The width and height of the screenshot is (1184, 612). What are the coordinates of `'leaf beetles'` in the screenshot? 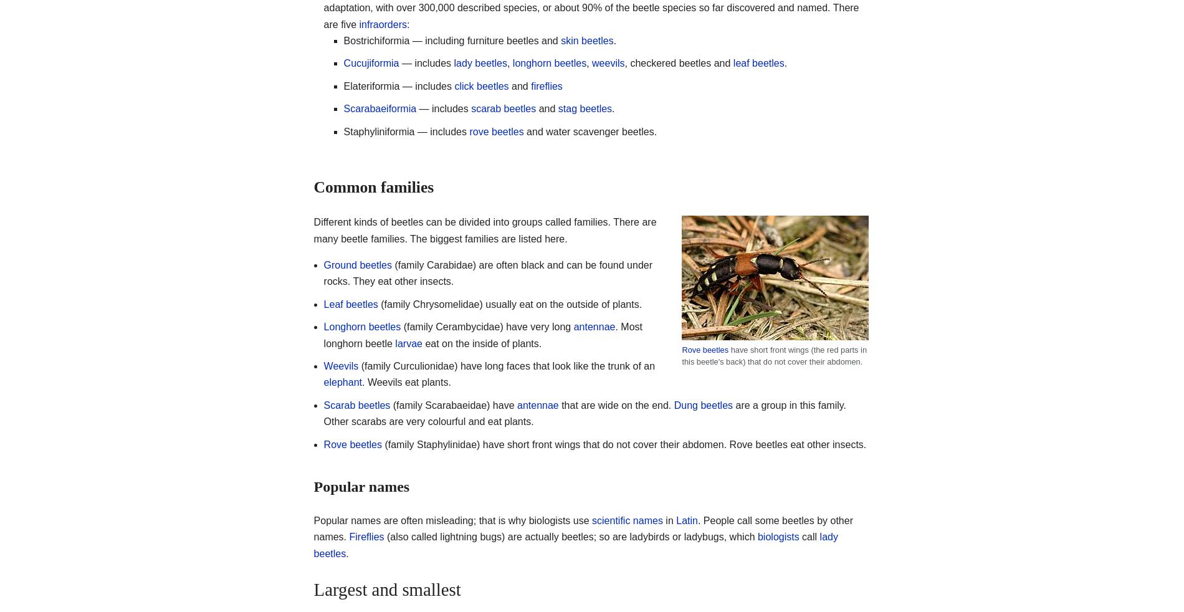 It's located at (757, 62).